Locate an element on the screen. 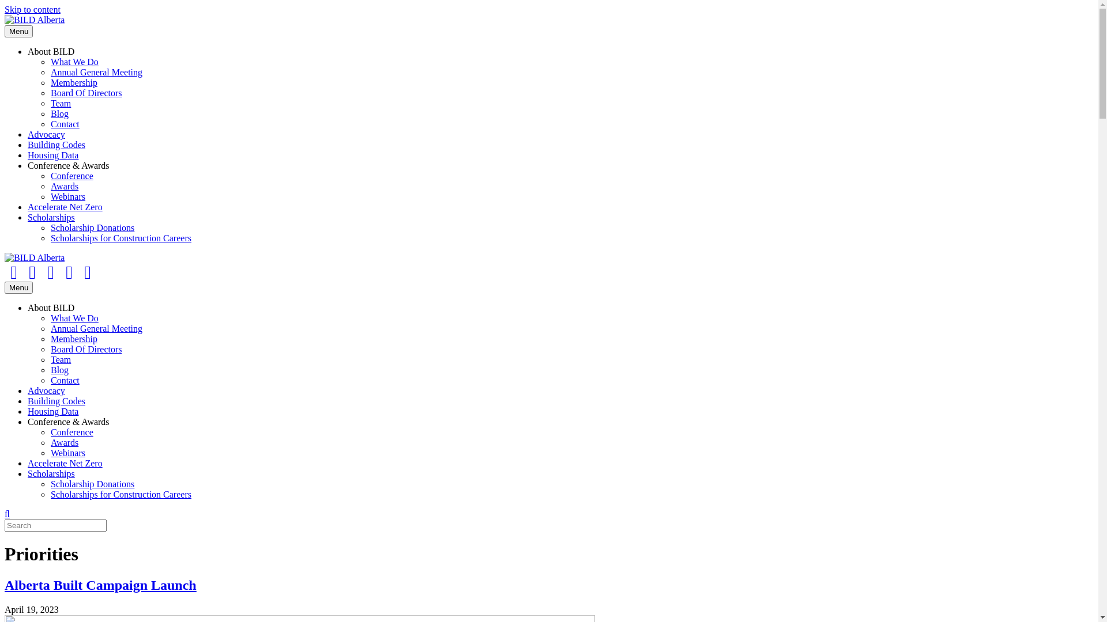 The image size is (1107, 622). 'Contact' is located at coordinates (65, 380).